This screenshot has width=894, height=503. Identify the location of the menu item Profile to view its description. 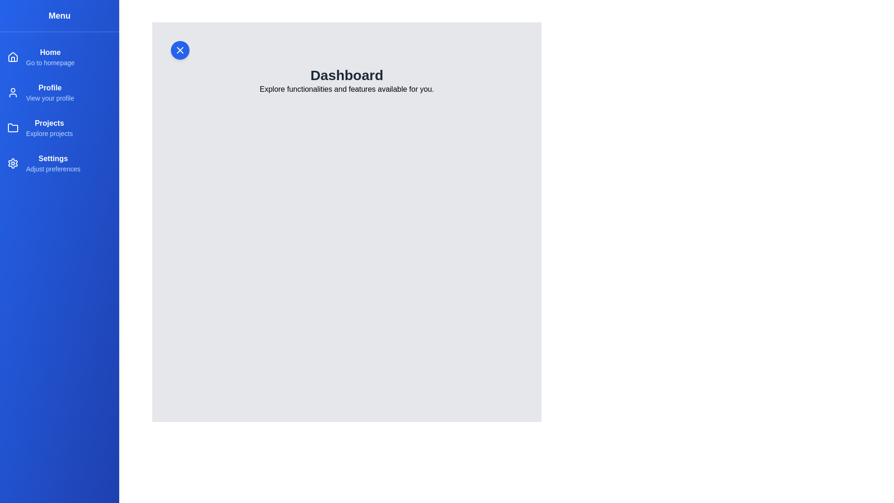
(59, 93).